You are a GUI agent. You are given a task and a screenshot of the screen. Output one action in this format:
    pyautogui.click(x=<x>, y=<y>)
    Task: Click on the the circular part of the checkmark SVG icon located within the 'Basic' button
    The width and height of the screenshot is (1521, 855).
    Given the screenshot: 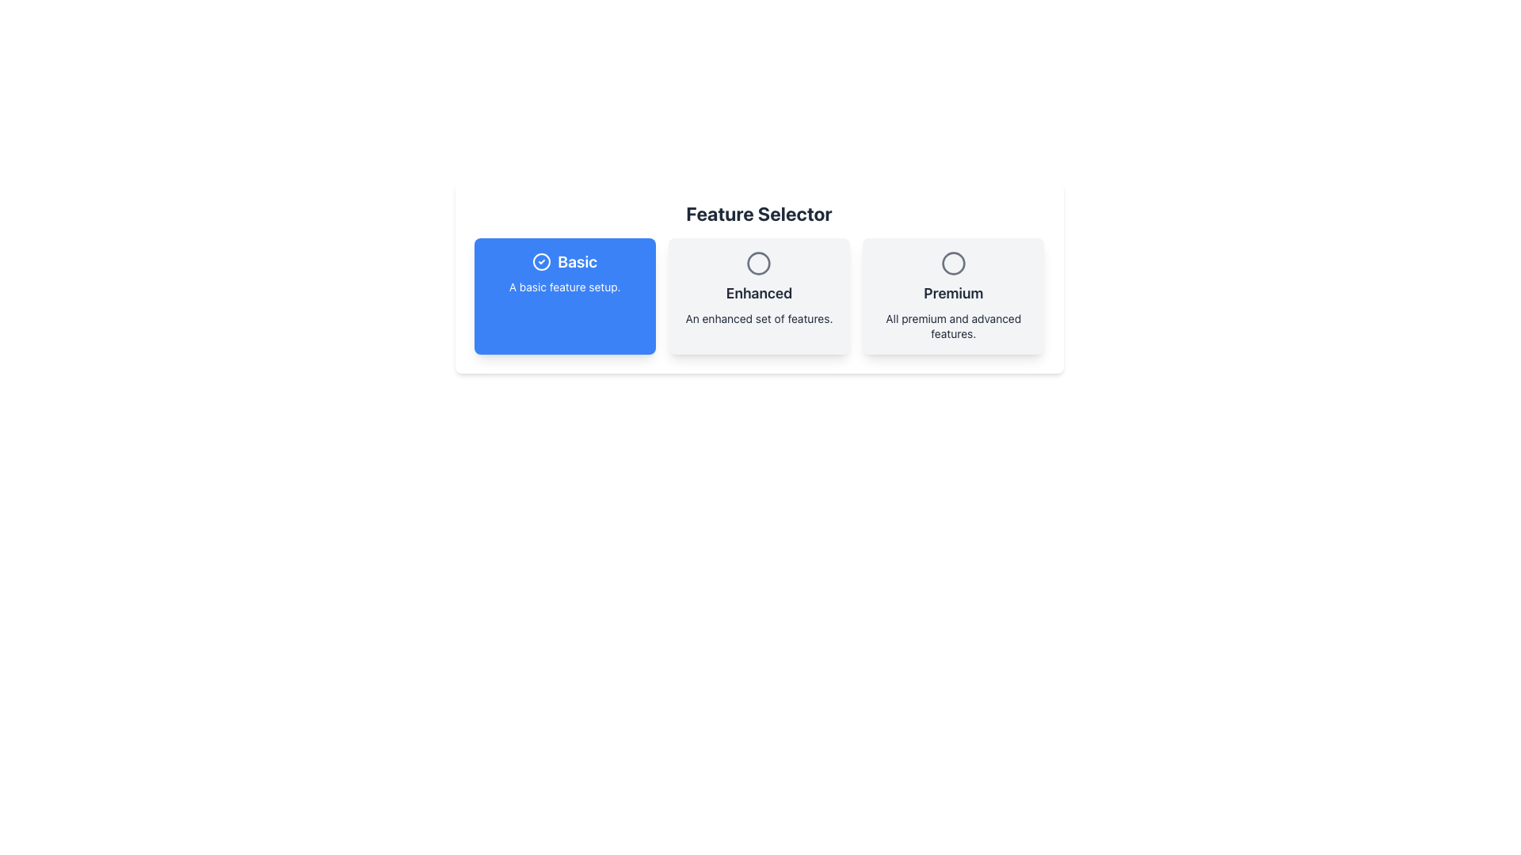 What is the action you would take?
    pyautogui.click(x=542, y=261)
    